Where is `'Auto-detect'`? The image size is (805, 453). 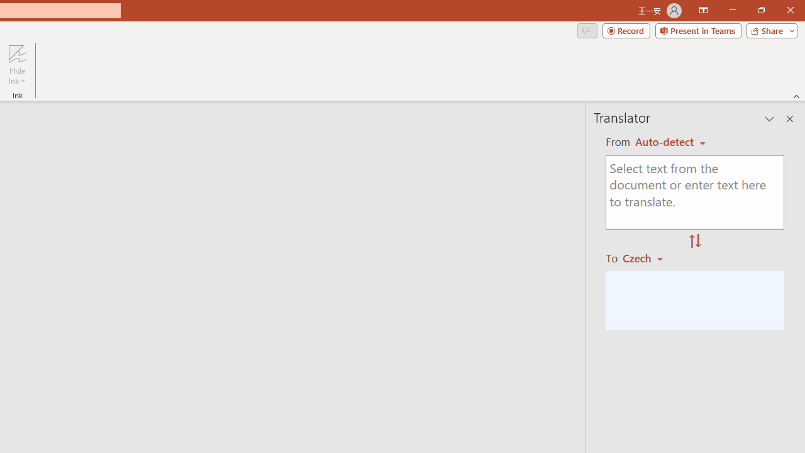
'Auto-detect' is located at coordinates (670, 142).